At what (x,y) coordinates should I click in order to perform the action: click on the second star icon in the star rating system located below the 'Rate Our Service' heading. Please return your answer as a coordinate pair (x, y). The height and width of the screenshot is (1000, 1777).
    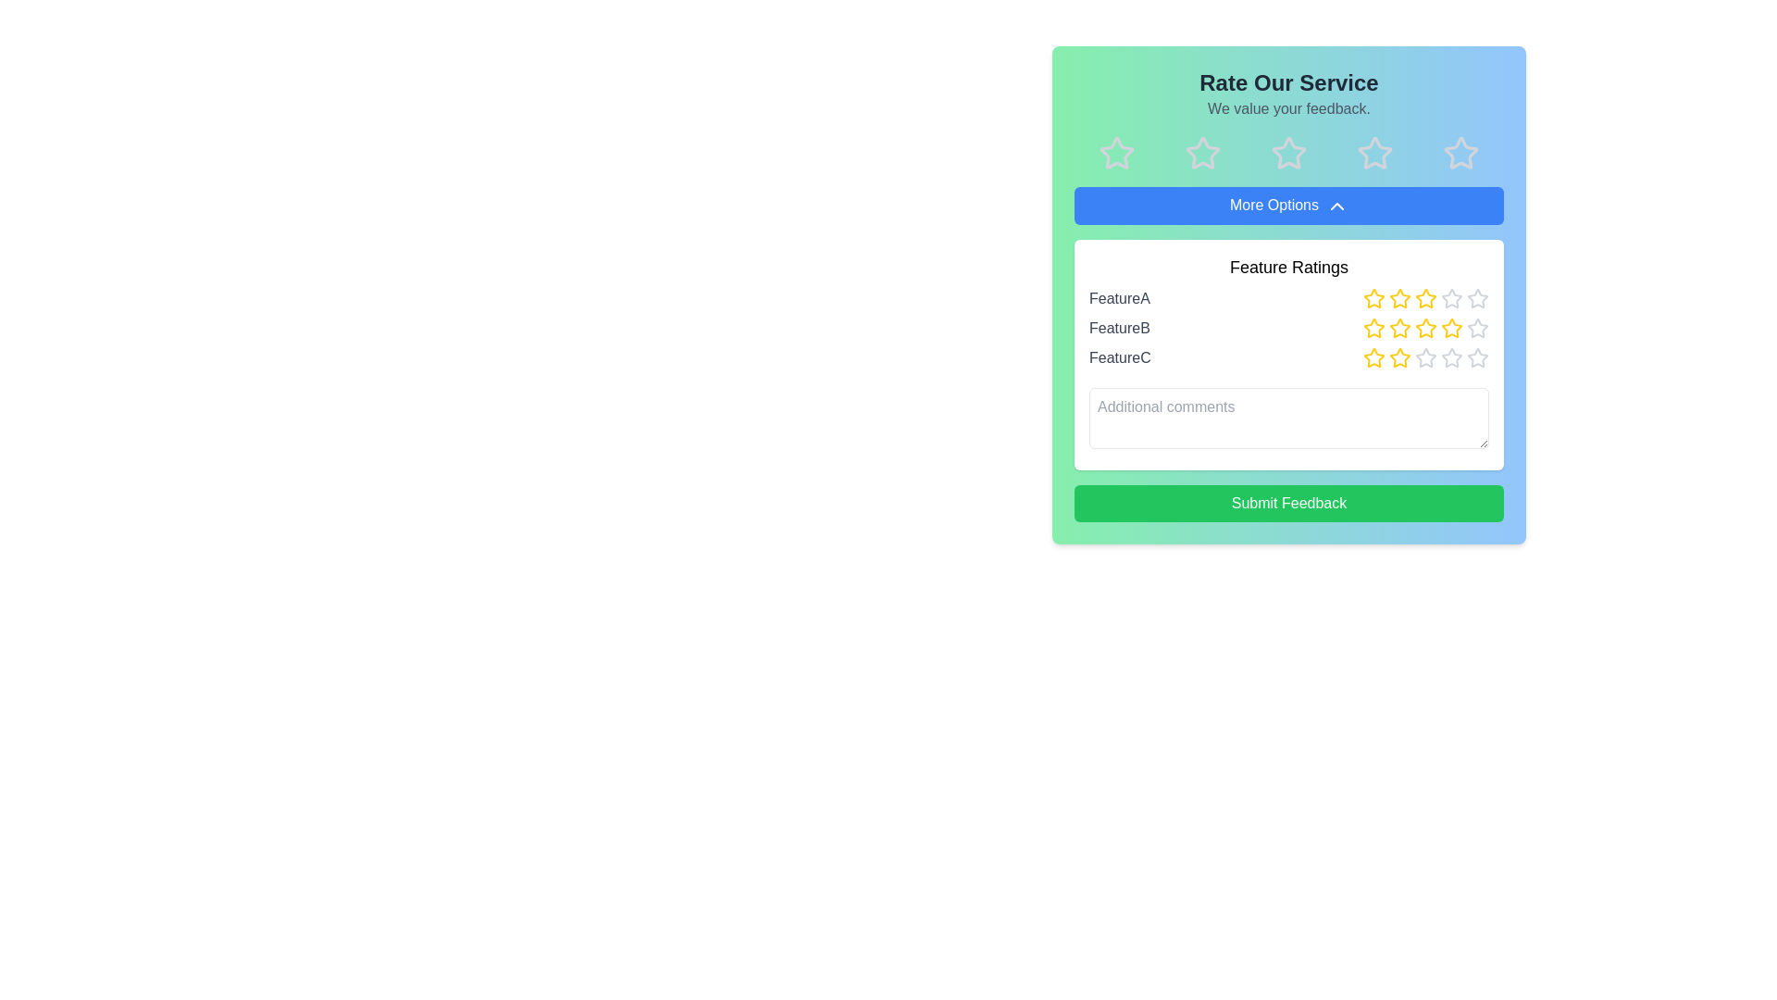
    Looking at the image, I should click on (1203, 152).